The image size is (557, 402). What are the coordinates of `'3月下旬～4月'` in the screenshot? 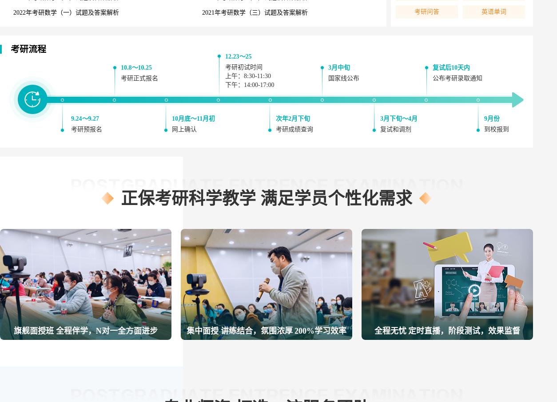 It's located at (398, 118).